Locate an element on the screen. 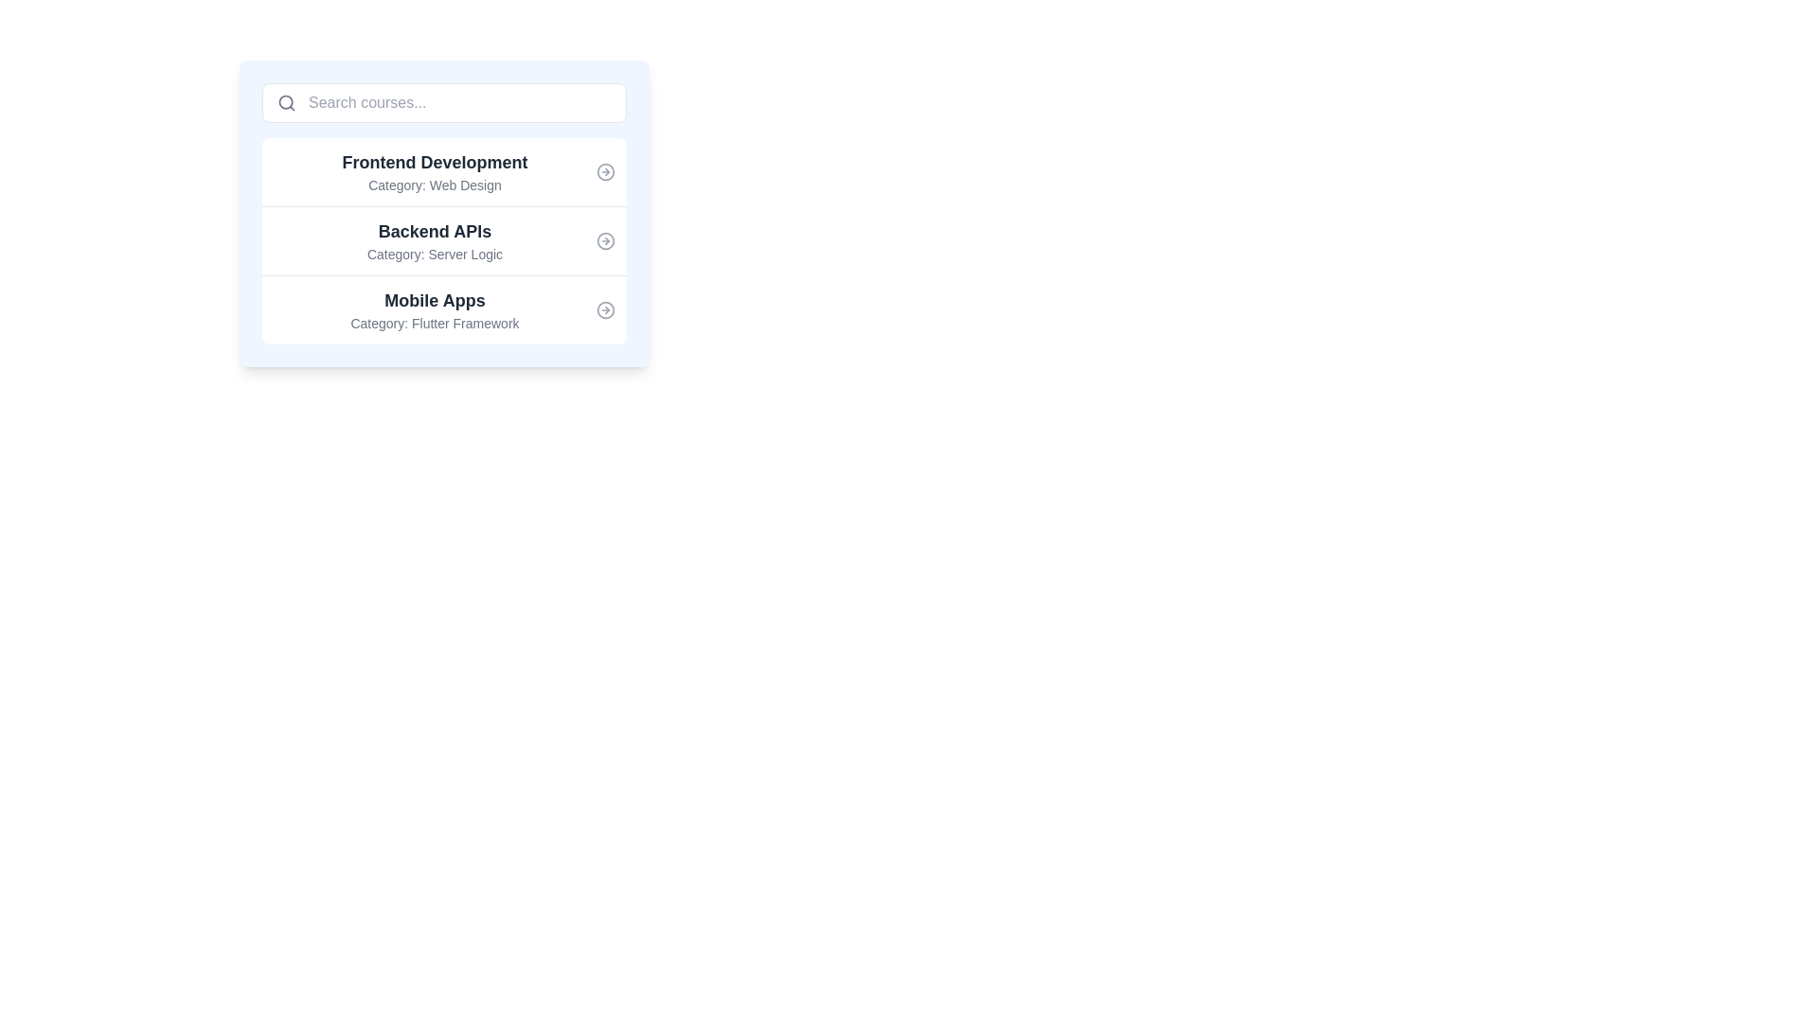 The width and height of the screenshot is (1818, 1022). text content of the 'Backend APIs' heading, which is the second item in a list above the 'Category: Server Logic' descriptor is located at coordinates (434, 231).